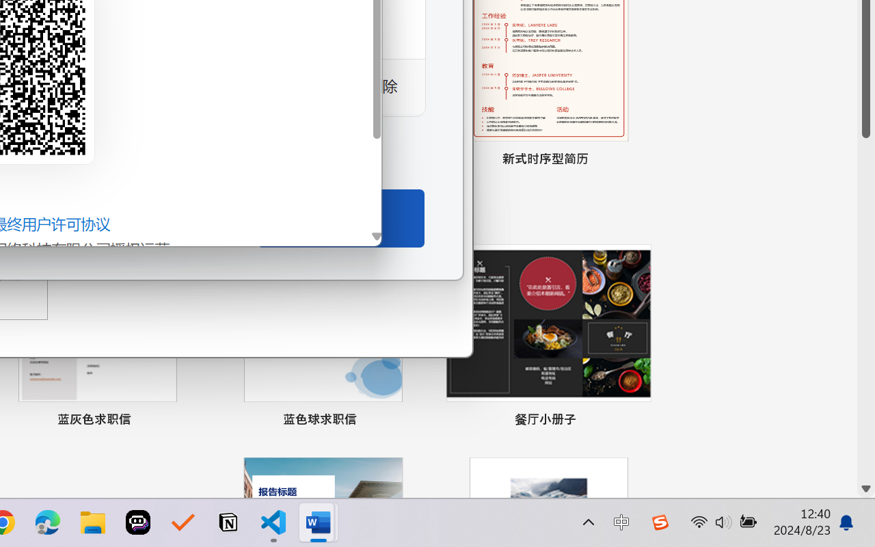 This screenshot has width=875, height=547. What do you see at coordinates (865, 488) in the screenshot?
I see `'Line down'` at bounding box center [865, 488].